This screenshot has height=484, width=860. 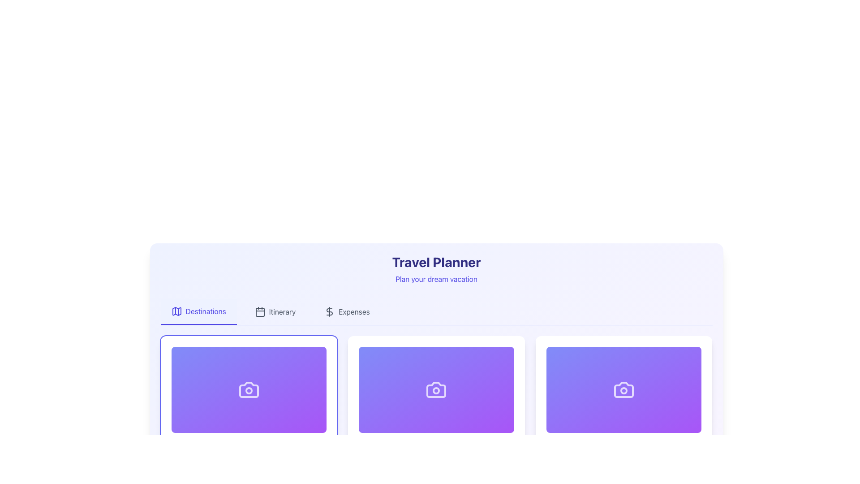 I want to click on the camera icon, which is an outlined shape with a rectangular body and circular lens, located in the first square card under the 'Destinations' tab, so click(x=249, y=389).